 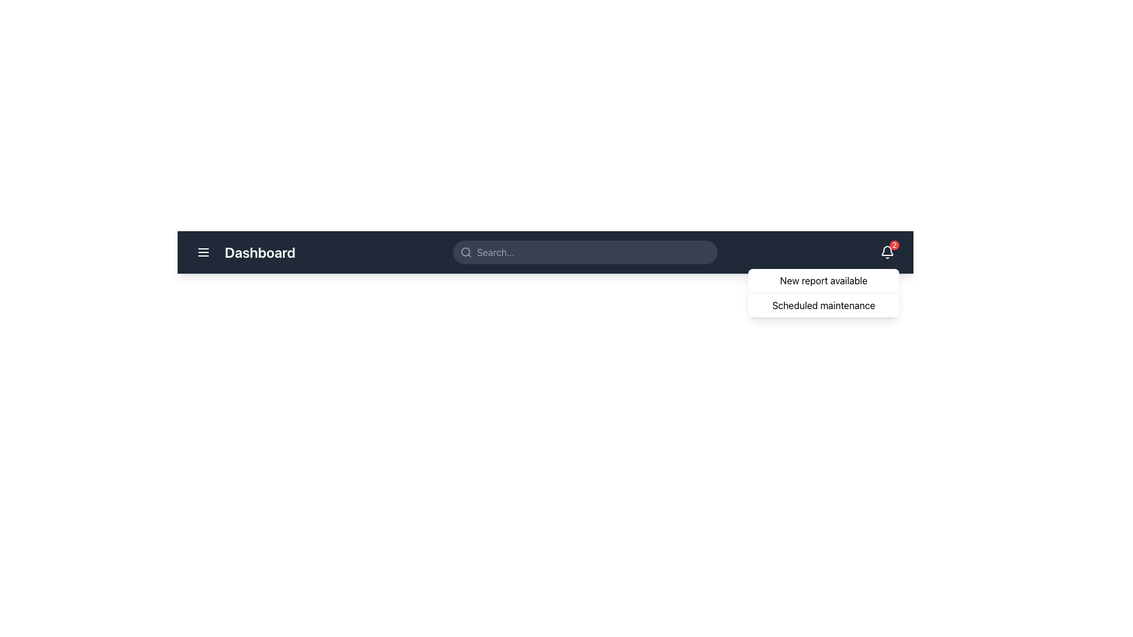 I want to click on the bell-shaped icon on the dark top navigation bar, which is styled with a white stroke and has a red notification badge at its upper right edge, so click(x=887, y=250).